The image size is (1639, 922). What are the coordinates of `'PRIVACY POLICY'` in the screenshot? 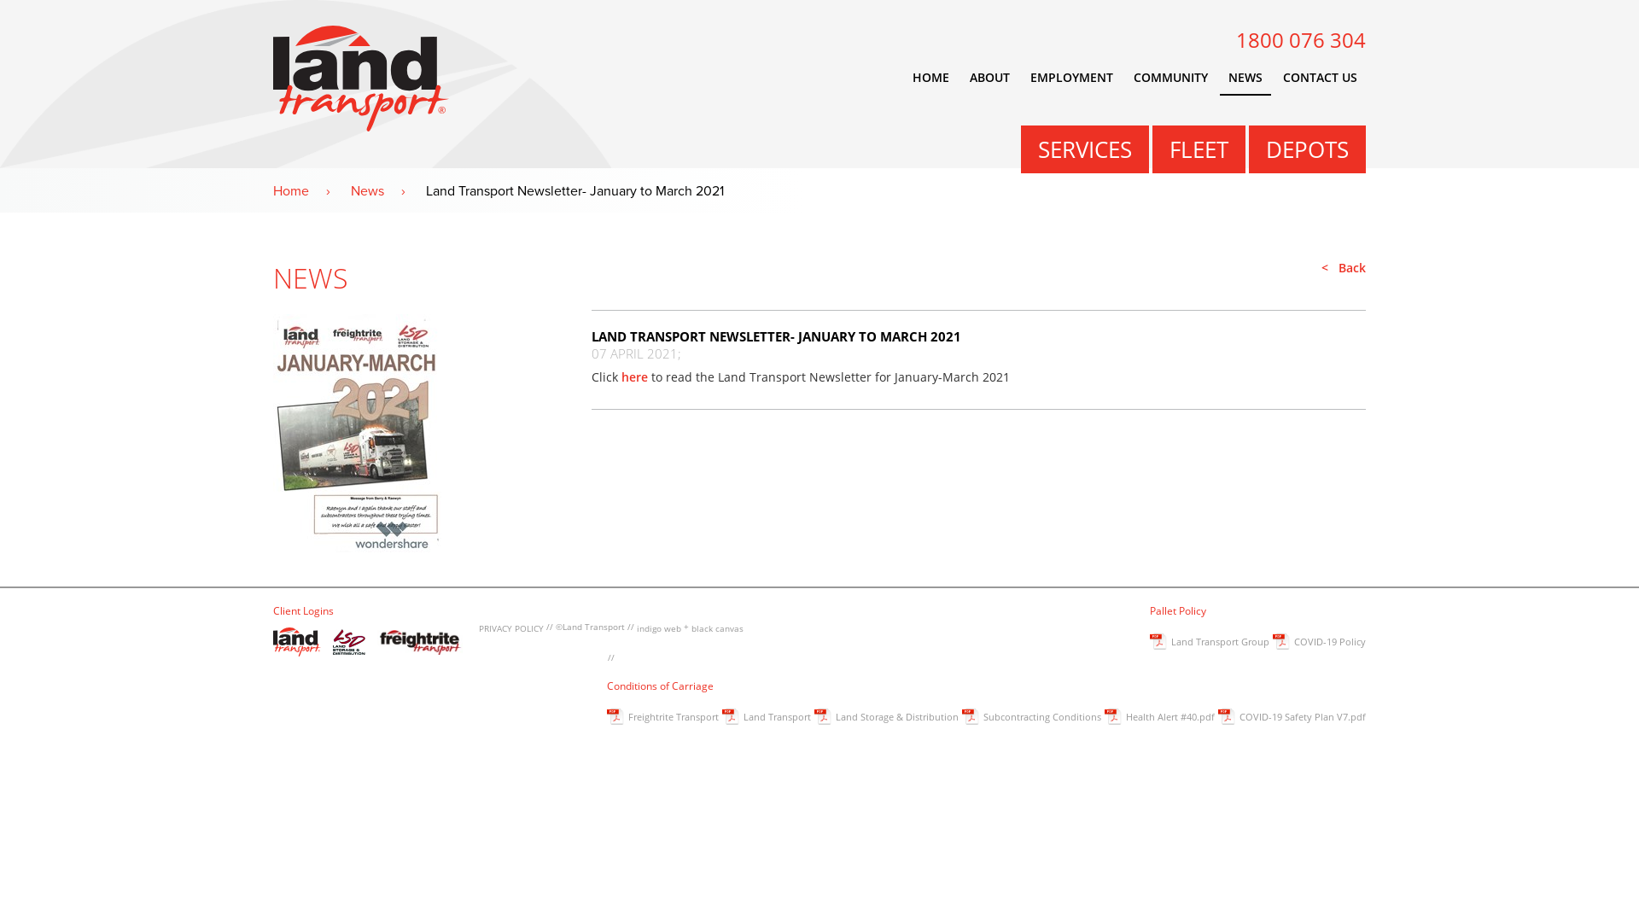 It's located at (510, 628).